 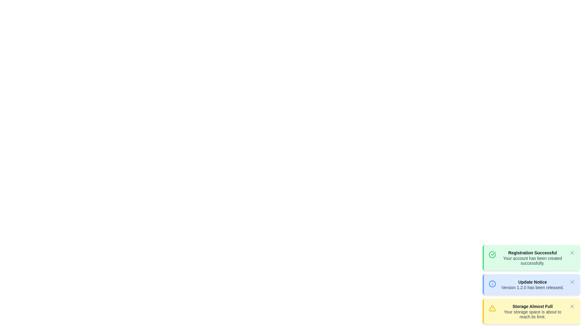 What do you see at coordinates (532, 282) in the screenshot?
I see `text label located at the top of the second notification card in the notification panel on the right side, which summarizes the purpose of the notification` at bounding box center [532, 282].